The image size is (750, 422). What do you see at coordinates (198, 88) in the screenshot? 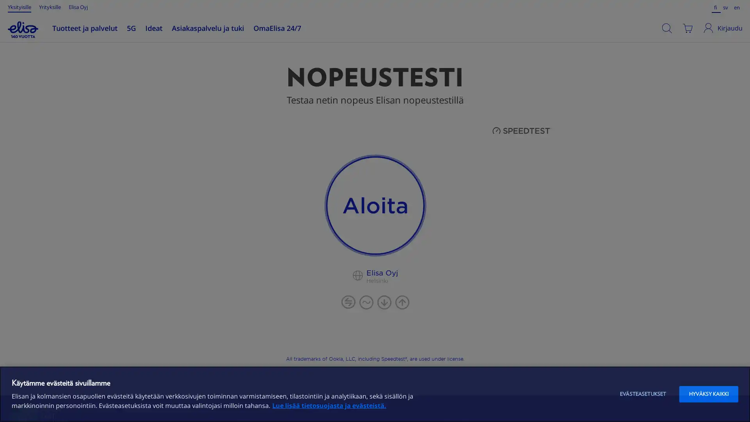
I see `Jatka ostoksia` at bounding box center [198, 88].